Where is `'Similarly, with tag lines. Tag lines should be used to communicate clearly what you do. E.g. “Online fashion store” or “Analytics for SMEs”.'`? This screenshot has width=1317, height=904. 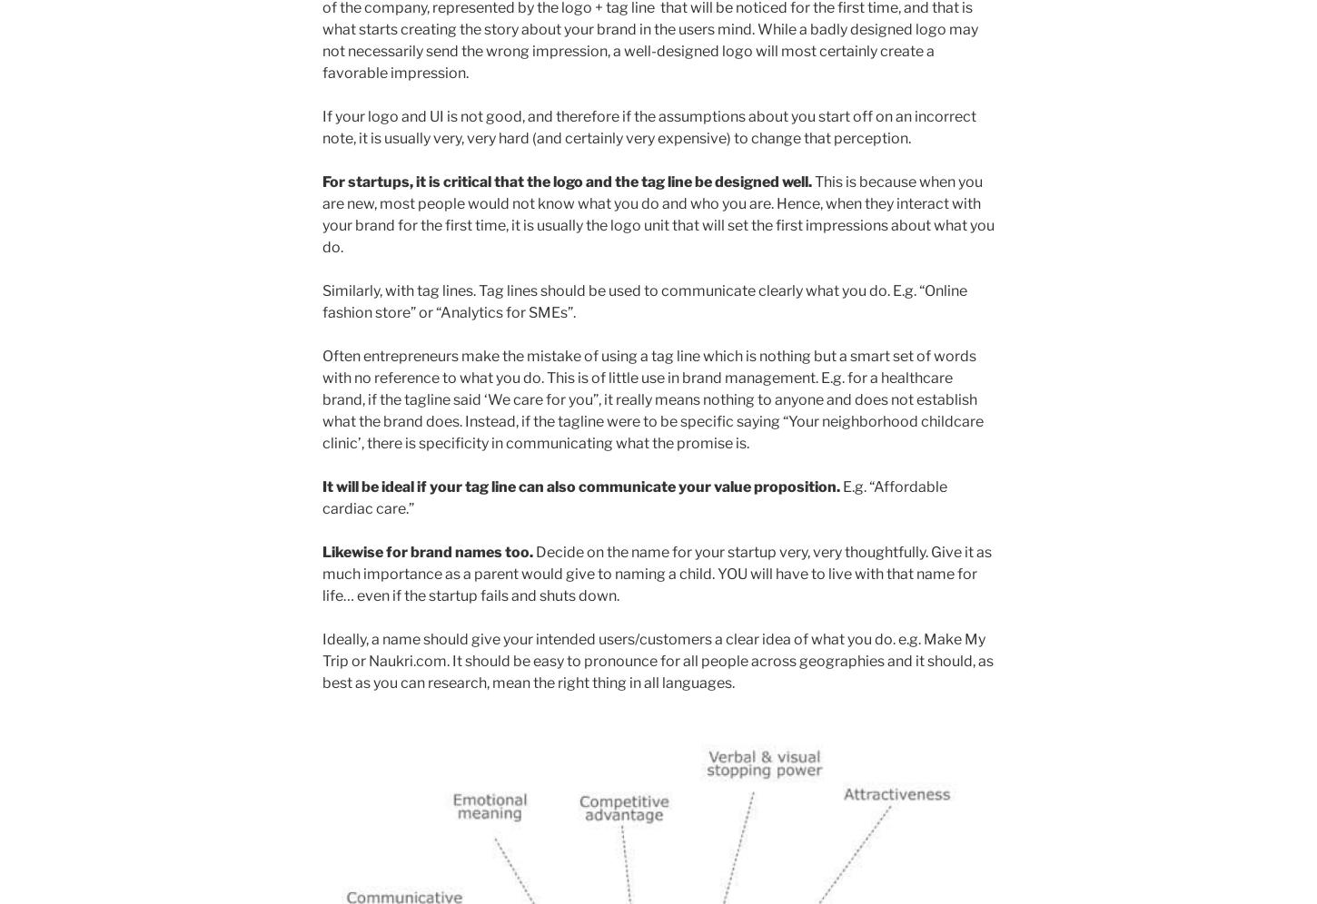
'Similarly, with tag lines. Tag lines should be used to communicate clearly what you do. E.g. “Online fashion store” or “Analytics for SMEs”.' is located at coordinates (644, 300).